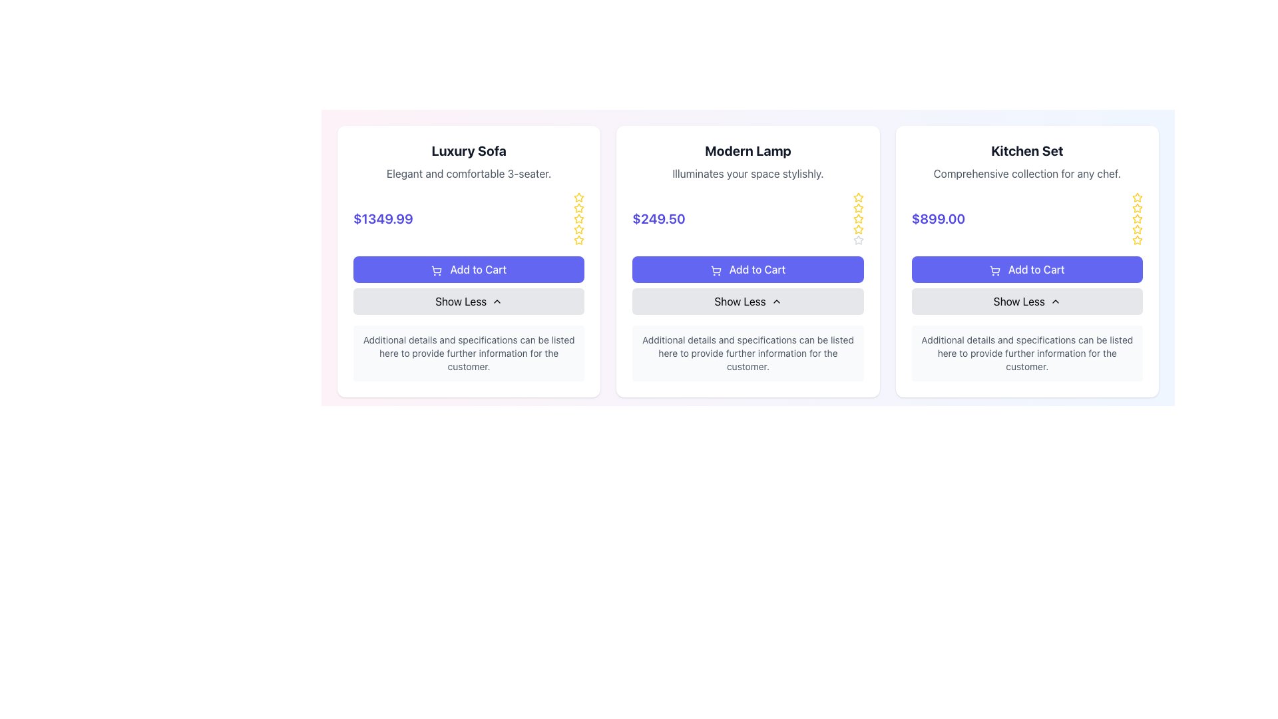 The image size is (1278, 719). Describe the element at coordinates (994, 269) in the screenshot. I see `the shopping cart icon located in the center of the blue 'Add to Cart' button within the 'Kitchen Set' card, which is the third card in the product cards list` at that location.